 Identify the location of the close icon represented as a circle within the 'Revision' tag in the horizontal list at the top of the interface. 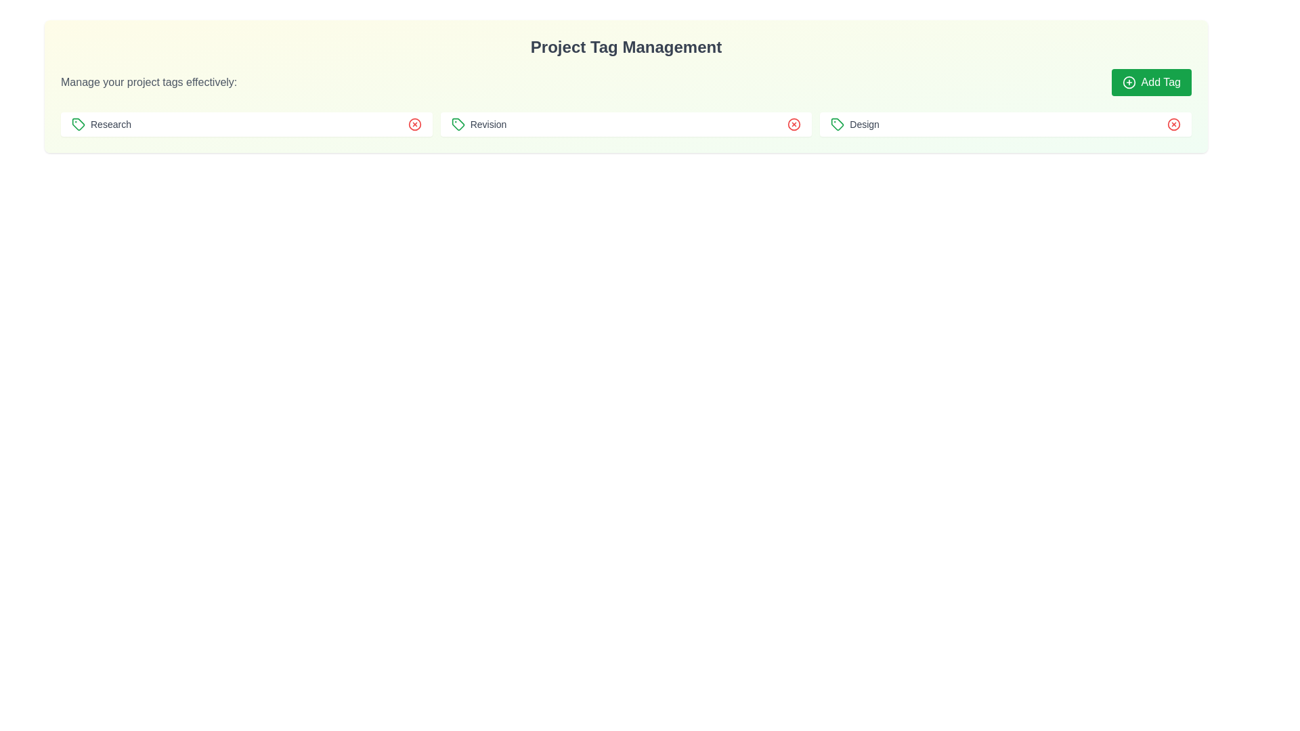
(414, 125).